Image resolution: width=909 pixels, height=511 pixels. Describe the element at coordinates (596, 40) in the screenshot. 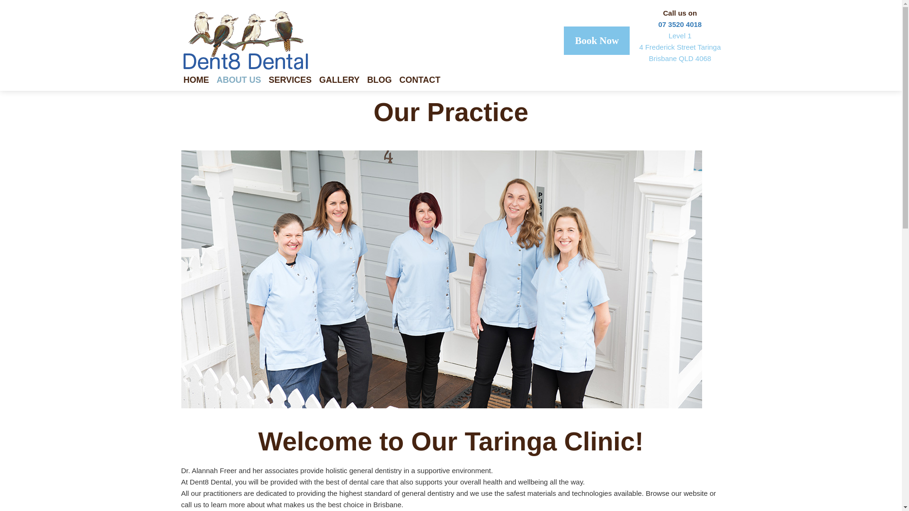

I see `'Book Now'` at that location.